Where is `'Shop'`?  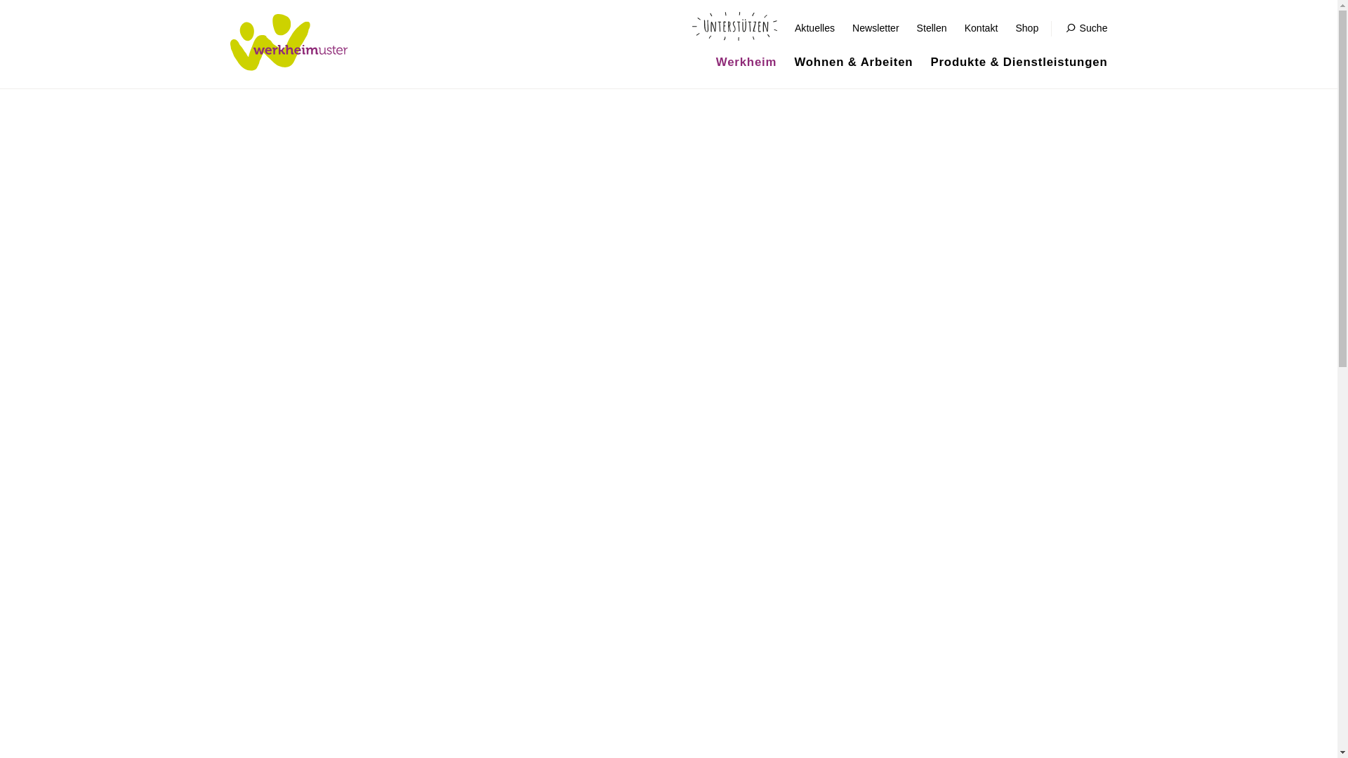 'Shop' is located at coordinates (1026, 28).